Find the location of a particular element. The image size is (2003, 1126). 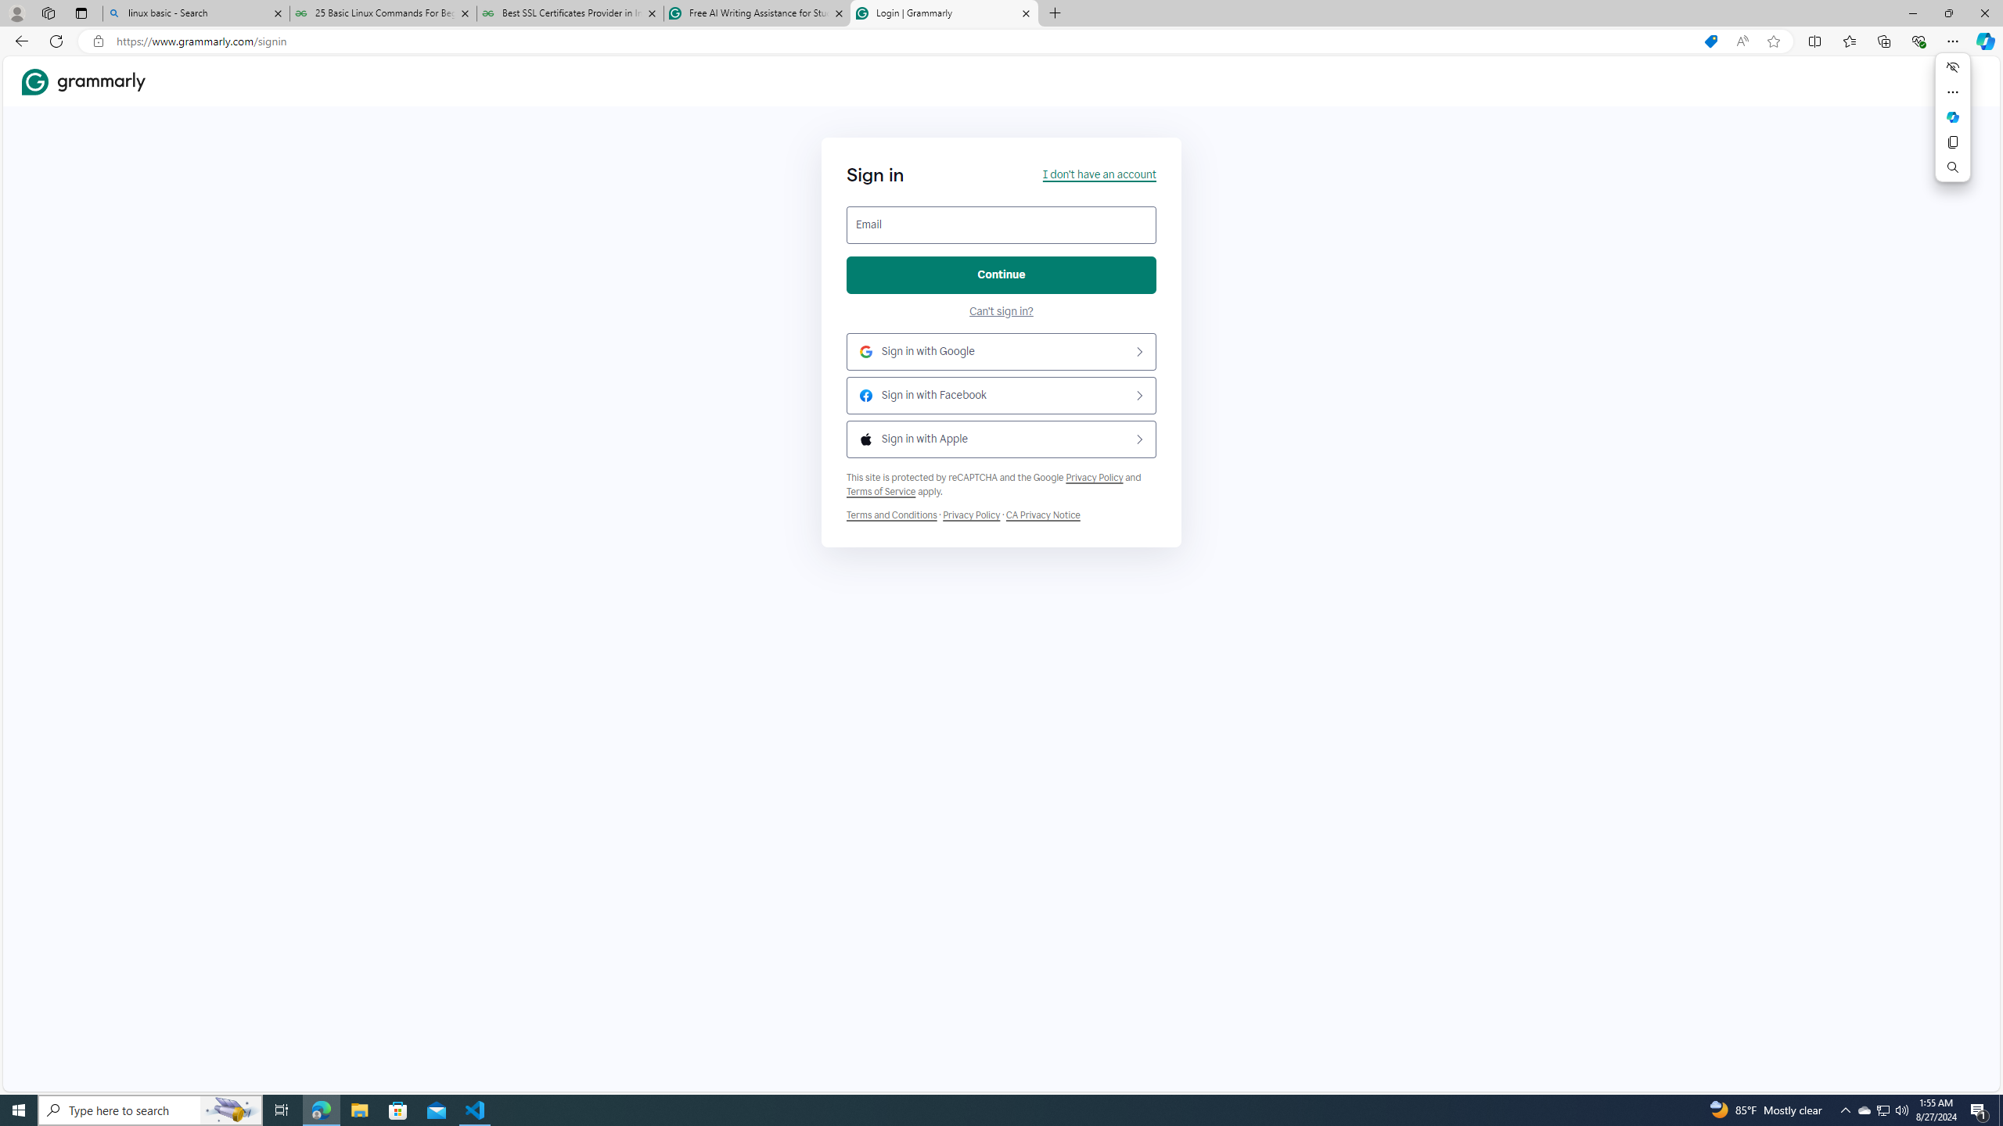

'Mini menu on text selection' is located at coordinates (1952, 117).